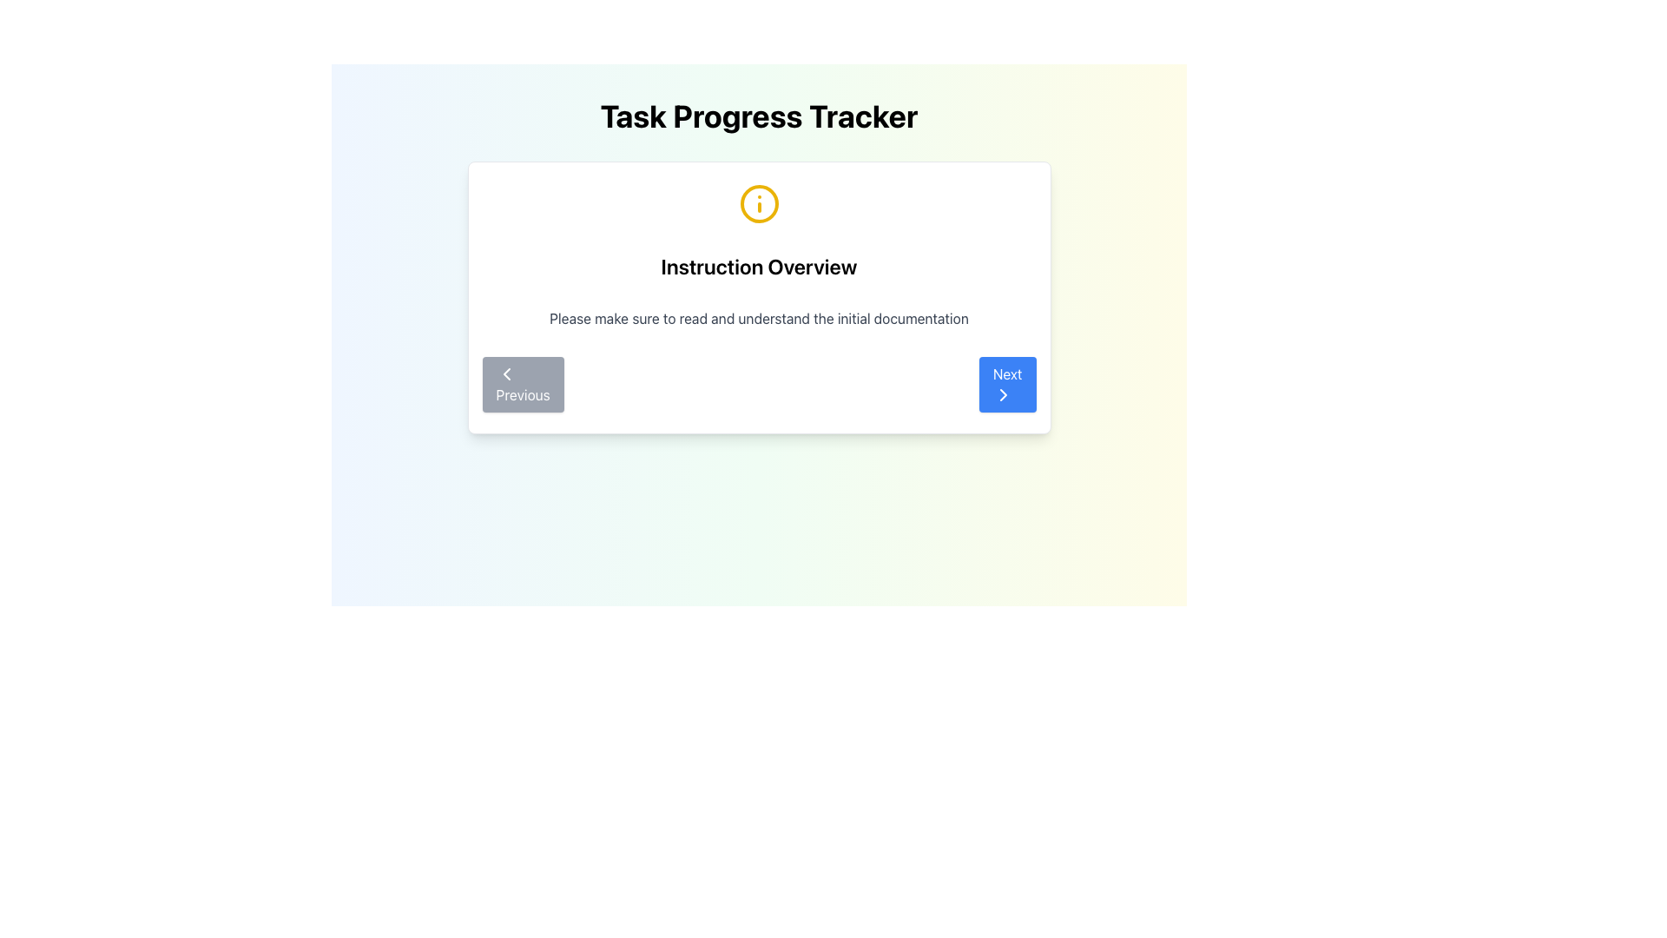 Image resolution: width=1667 pixels, height=938 pixels. I want to click on the decorative icon within the 'Next' button, which symbolizes forward navigation, located on the right side of the interface, so click(1003, 395).